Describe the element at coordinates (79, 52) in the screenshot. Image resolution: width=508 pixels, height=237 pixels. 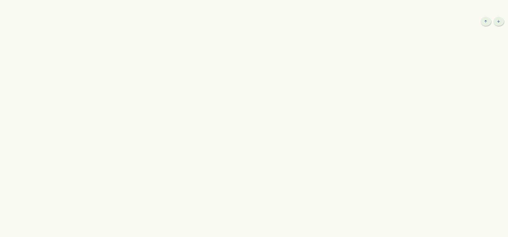
I see `'New posts'` at that location.